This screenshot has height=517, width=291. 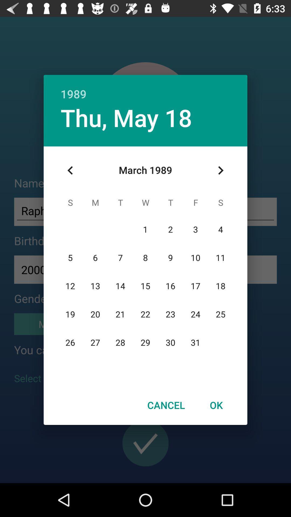 I want to click on icon at the top right corner, so click(x=220, y=170).